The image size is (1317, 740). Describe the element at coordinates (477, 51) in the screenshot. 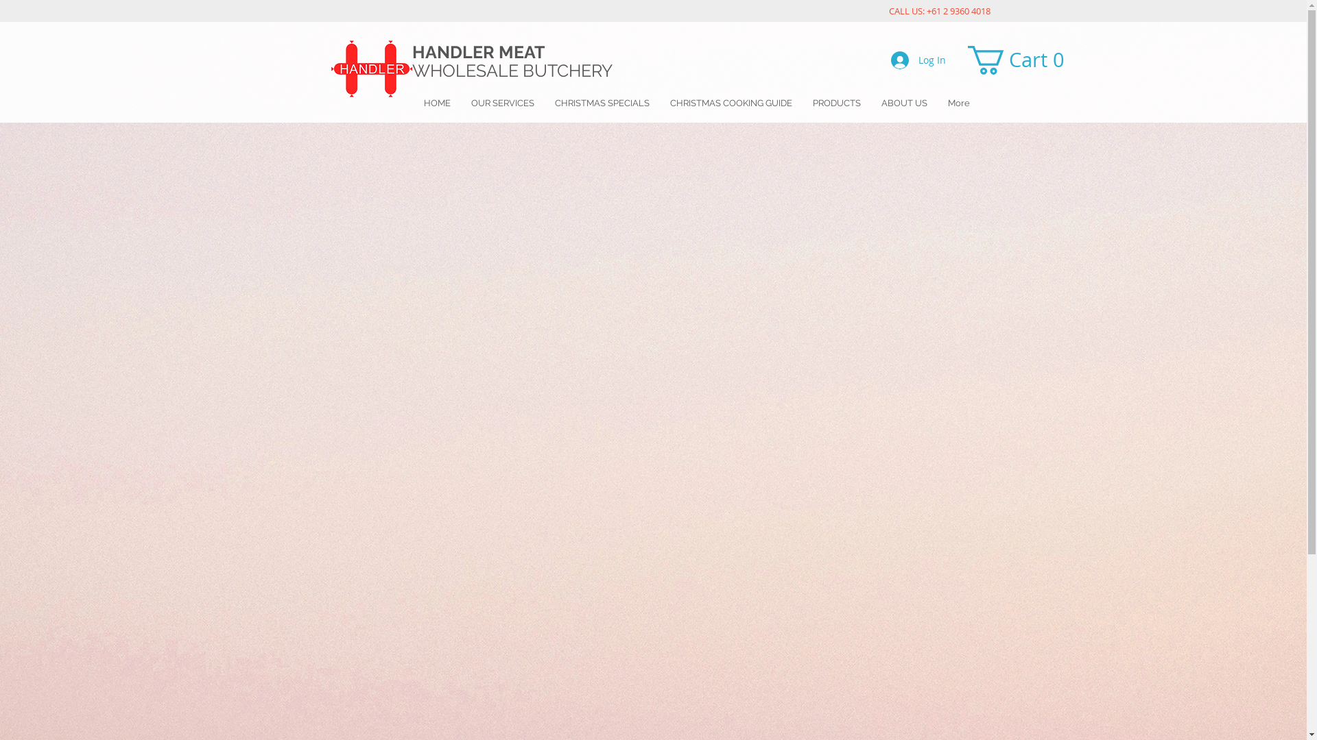

I see `'HANDLER MEAT'` at that location.